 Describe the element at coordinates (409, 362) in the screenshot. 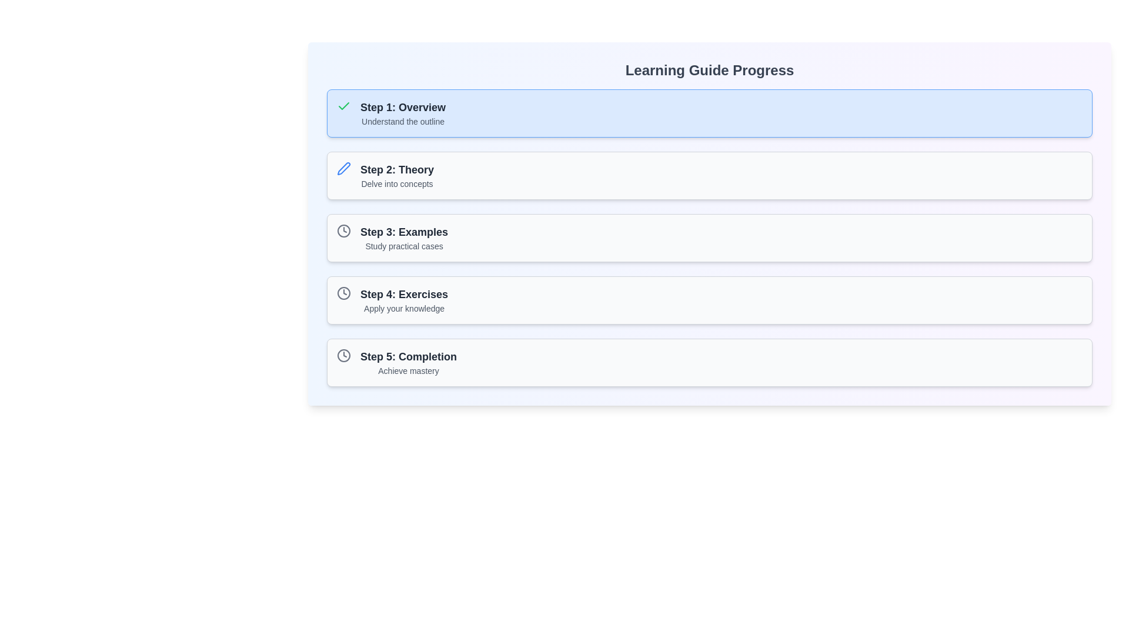

I see `the text display component that shows 'Step 5: Completion' and its objective 'Achieve mastery' in the learning guide` at that location.